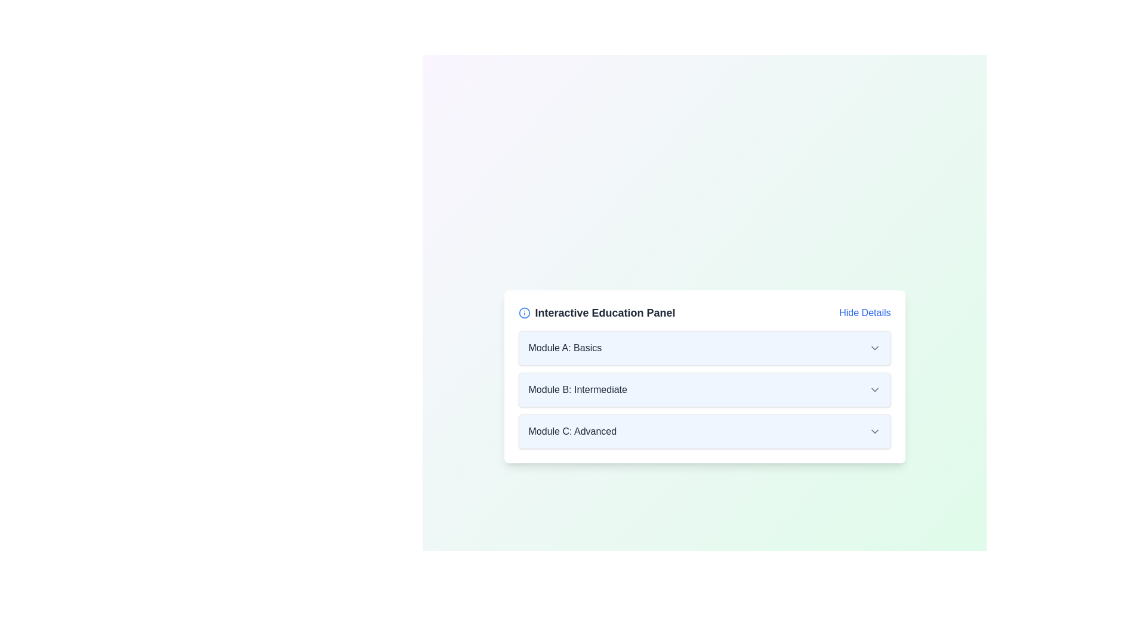 The height and width of the screenshot is (644, 1146). Describe the element at coordinates (597, 312) in the screenshot. I see `the bold text label 'Interactive Education Panel' that is aligned to the left and styled with dark gray color, which serves as the header of a section` at that location.